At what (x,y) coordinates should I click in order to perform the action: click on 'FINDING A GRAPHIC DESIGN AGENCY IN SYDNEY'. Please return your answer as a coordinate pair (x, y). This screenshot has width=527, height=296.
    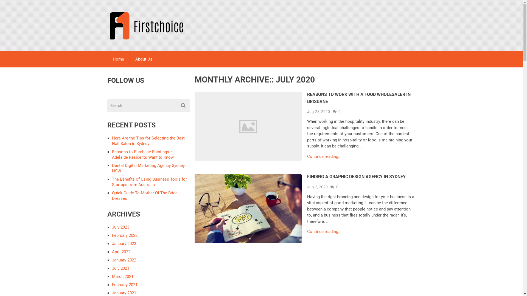
    Looking at the image, I should click on (356, 177).